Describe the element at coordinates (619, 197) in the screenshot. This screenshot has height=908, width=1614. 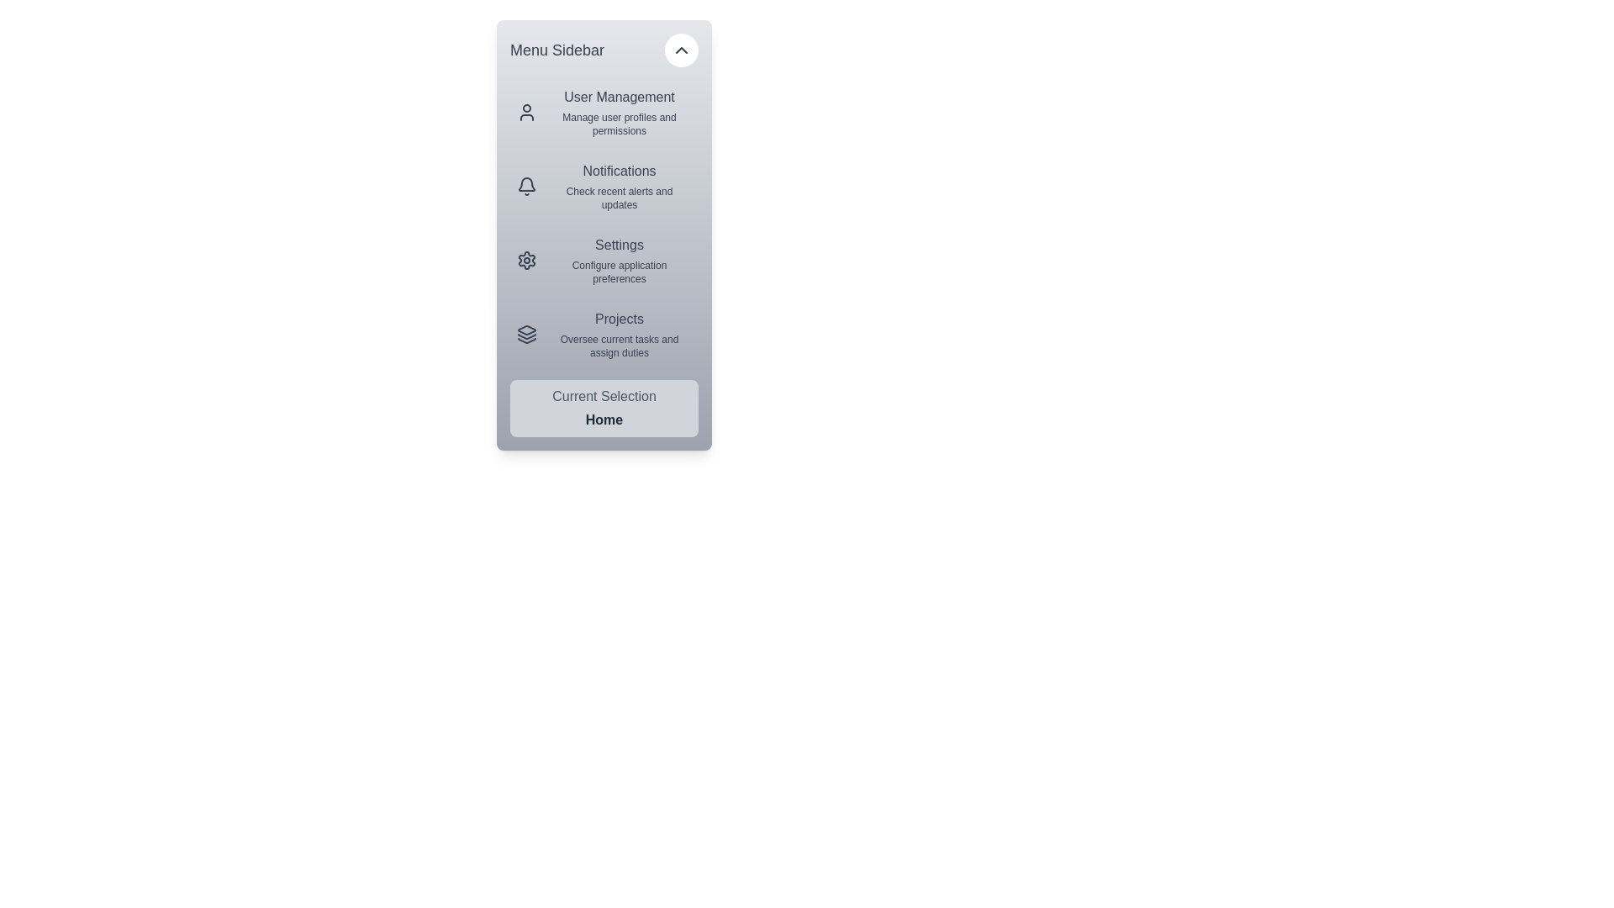
I see `the text label component that contains the text 'Check recent alerts and updates', which is styled in a small font size and positioned directly below the title 'Notifications'` at that location.